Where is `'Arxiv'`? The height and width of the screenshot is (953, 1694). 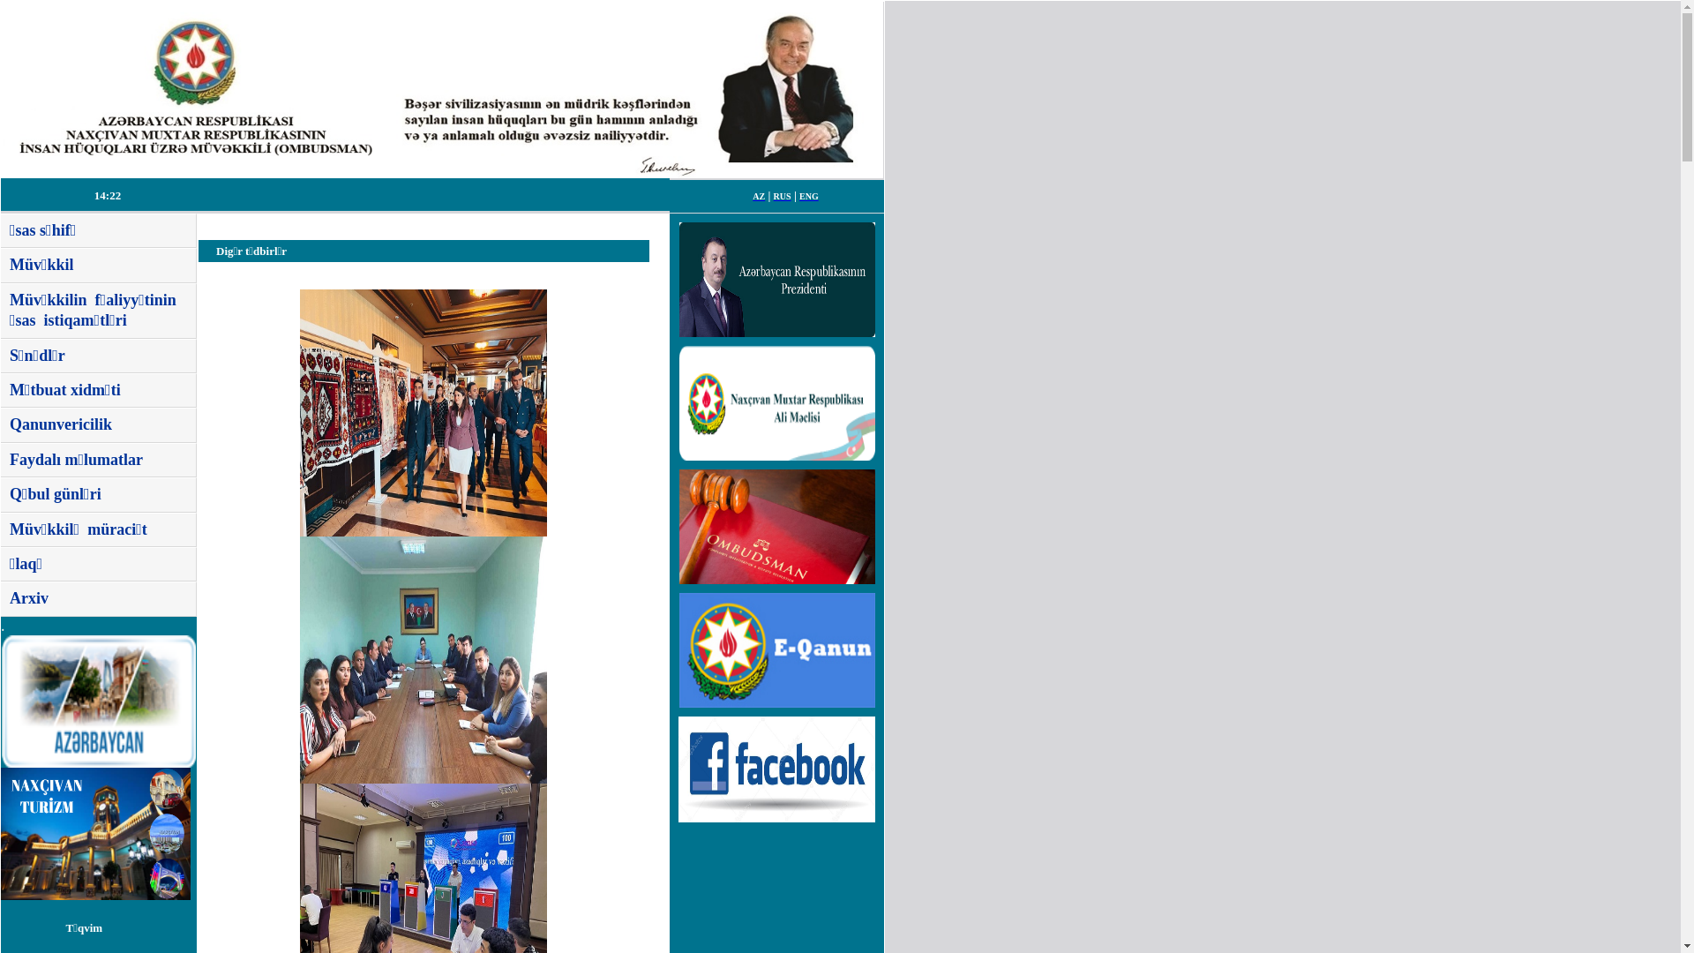 'Arxiv' is located at coordinates (29, 597).